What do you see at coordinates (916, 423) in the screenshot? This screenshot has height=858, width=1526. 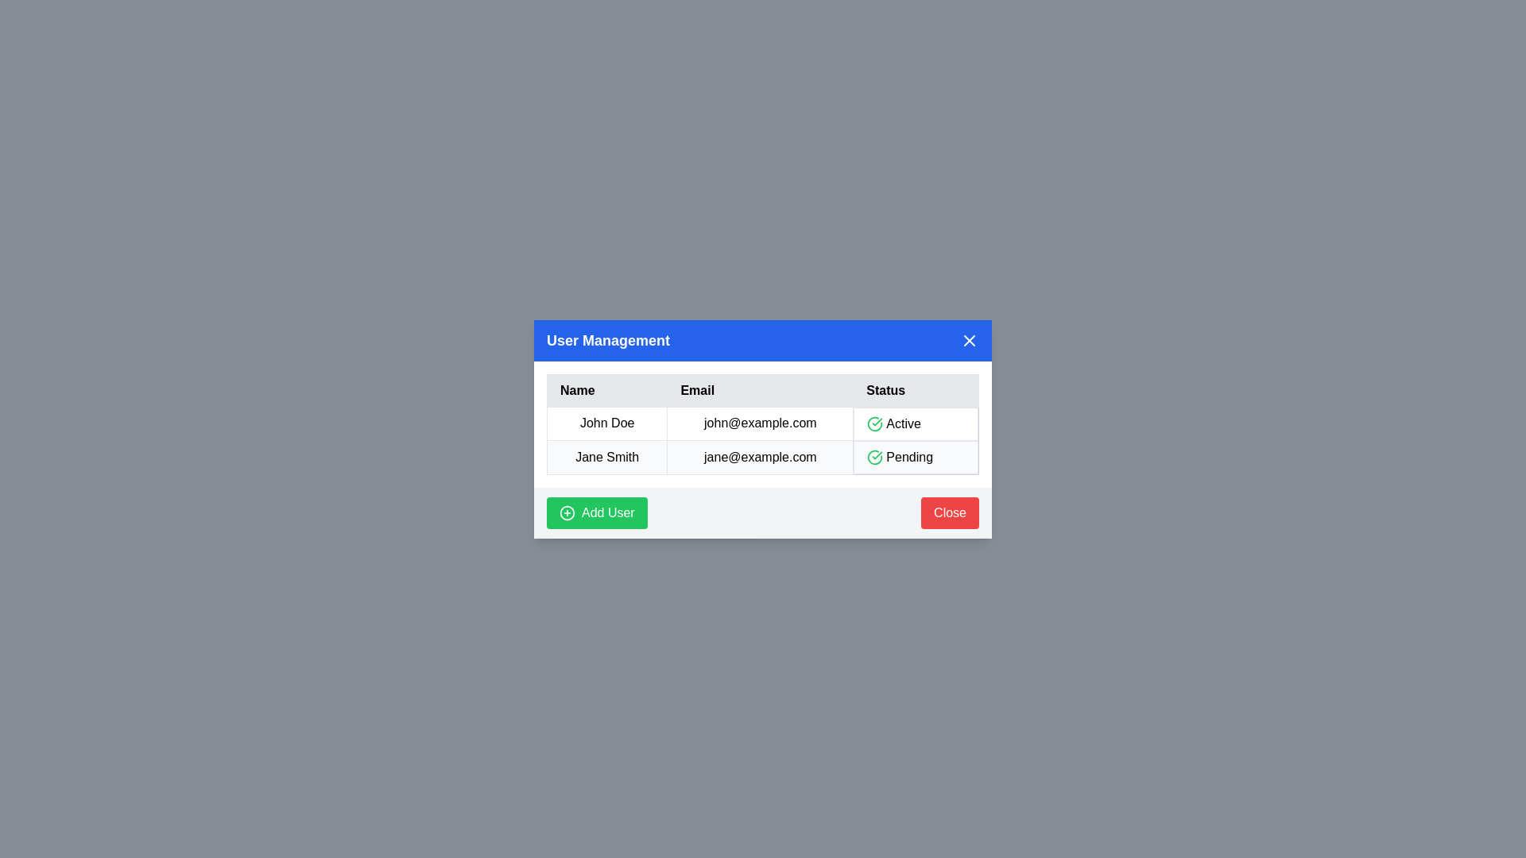 I see `the status Active to display its context` at bounding box center [916, 423].